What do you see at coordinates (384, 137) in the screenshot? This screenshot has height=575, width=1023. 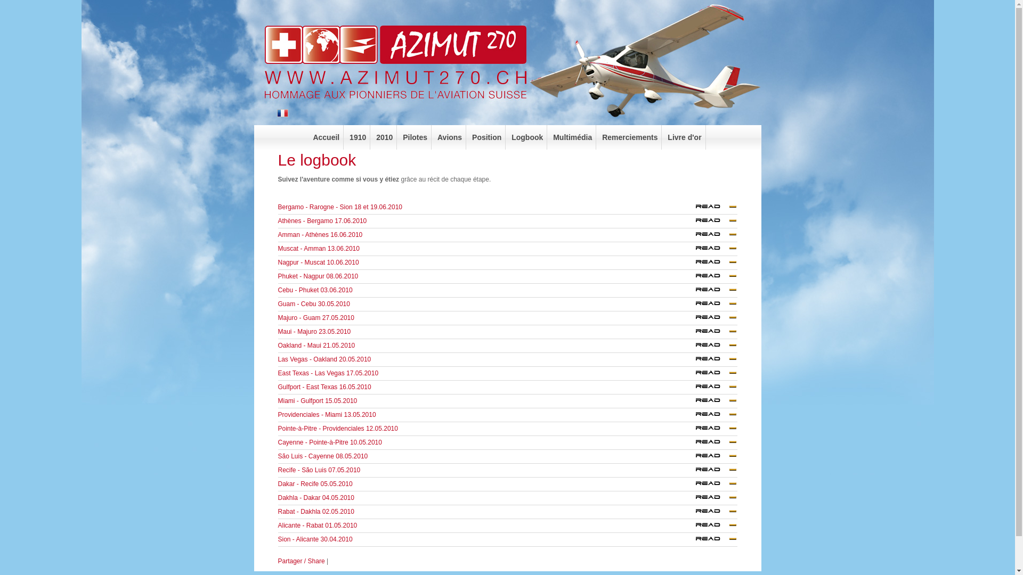 I see `'2010'` at bounding box center [384, 137].